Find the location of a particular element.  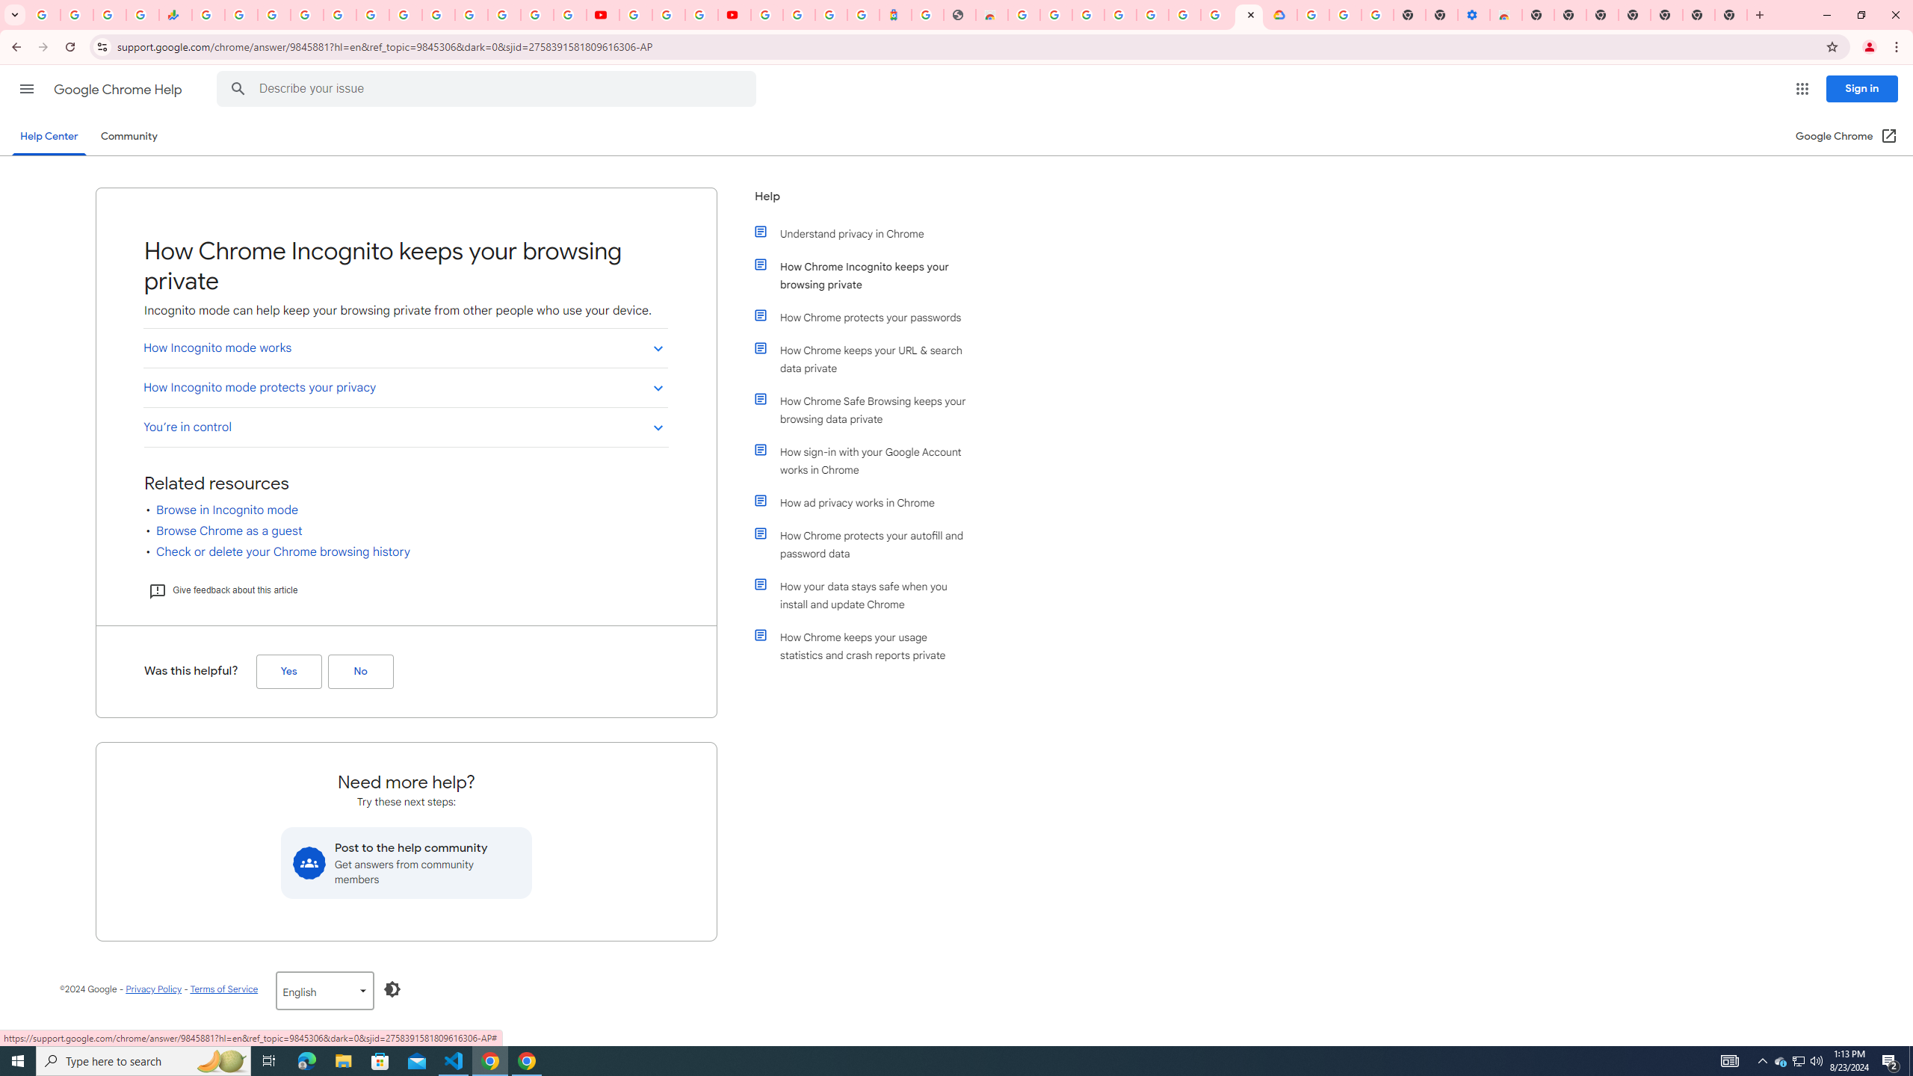

'Privacy Checkup' is located at coordinates (569, 14).